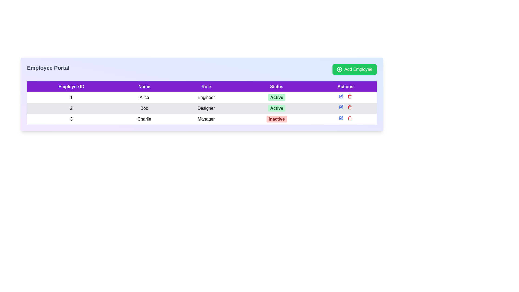 The image size is (519, 292). Describe the element at coordinates (341, 107) in the screenshot. I see `the edit button represented by a pen icon in the 'Actions' column of the table for employee 'Bob' for accessibility purposes` at that location.